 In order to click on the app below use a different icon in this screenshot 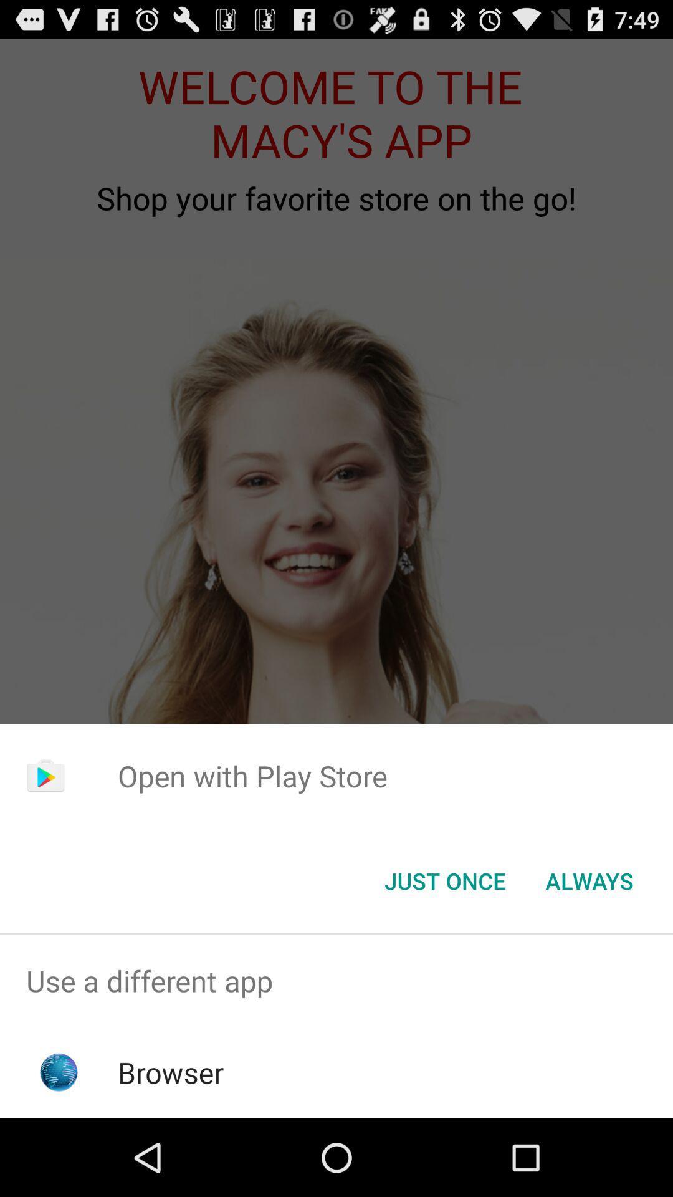, I will do `click(171, 1072)`.